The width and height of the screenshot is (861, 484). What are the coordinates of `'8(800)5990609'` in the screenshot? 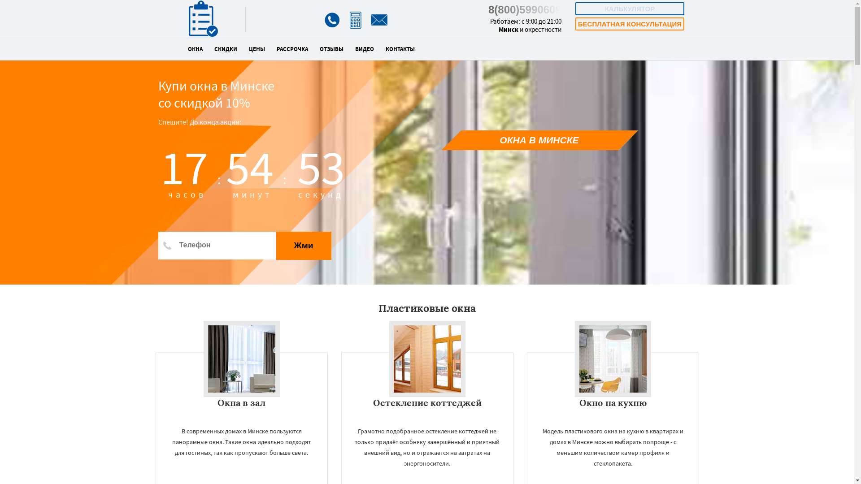 It's located at (525, 9).